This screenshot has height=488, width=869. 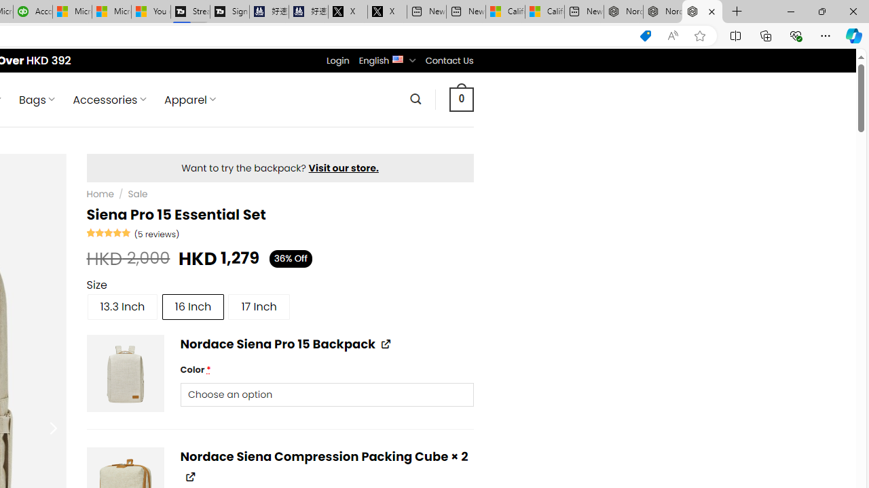 I want to click on 'Nordace - Best Sellers', so click(x=623, y=12).